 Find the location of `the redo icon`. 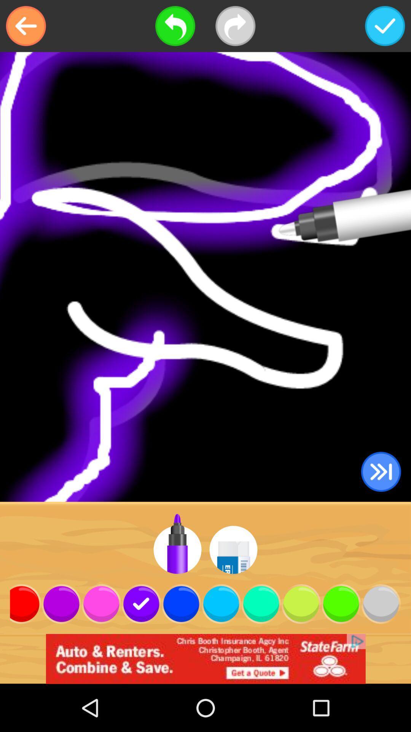

the redo icon is located at coordinates (235, 26).